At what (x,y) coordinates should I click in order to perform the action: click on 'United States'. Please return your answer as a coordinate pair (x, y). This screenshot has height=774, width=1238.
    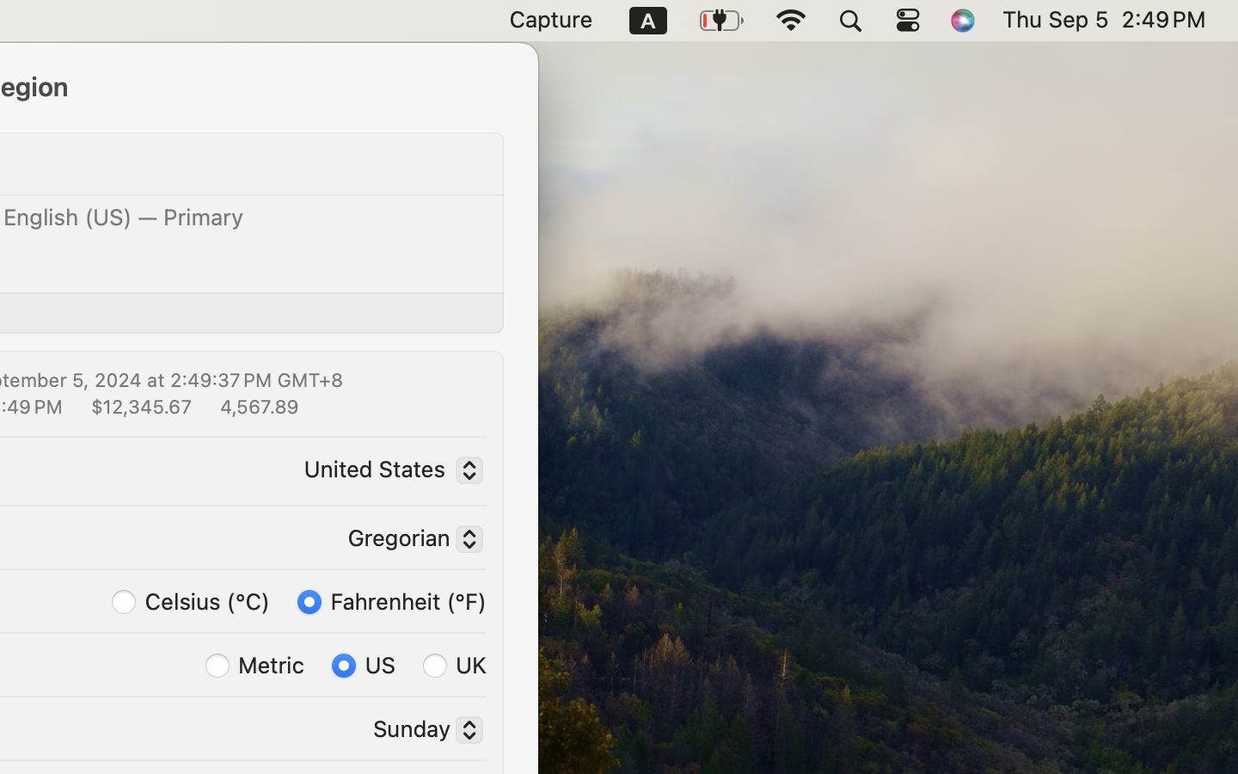
    Looking at the image, I should click on (389, 471).